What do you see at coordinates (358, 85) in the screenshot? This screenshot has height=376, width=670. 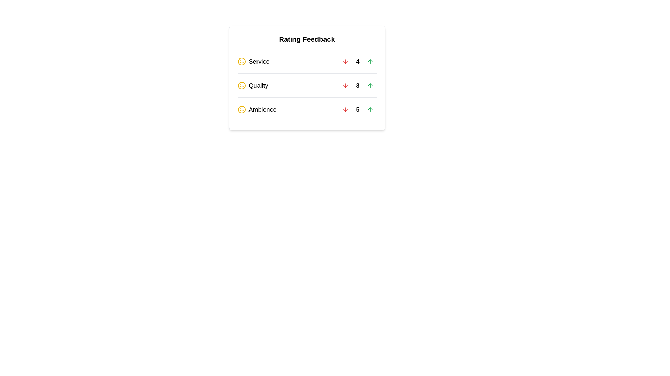 I see `the bold number '3' in the 'Rating Feedback' section, which is positioned between a red icon on the left and a green icon on the right` at bounding box center [358, 85].